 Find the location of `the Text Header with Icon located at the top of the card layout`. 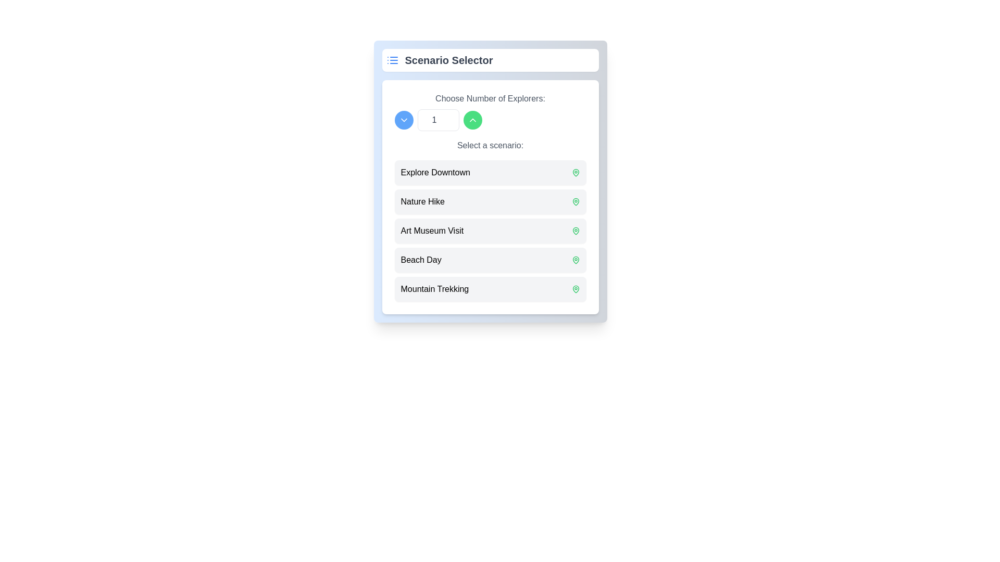

the Text Header with Icon located at the top of the card layout is located at coordinates (490, 60).